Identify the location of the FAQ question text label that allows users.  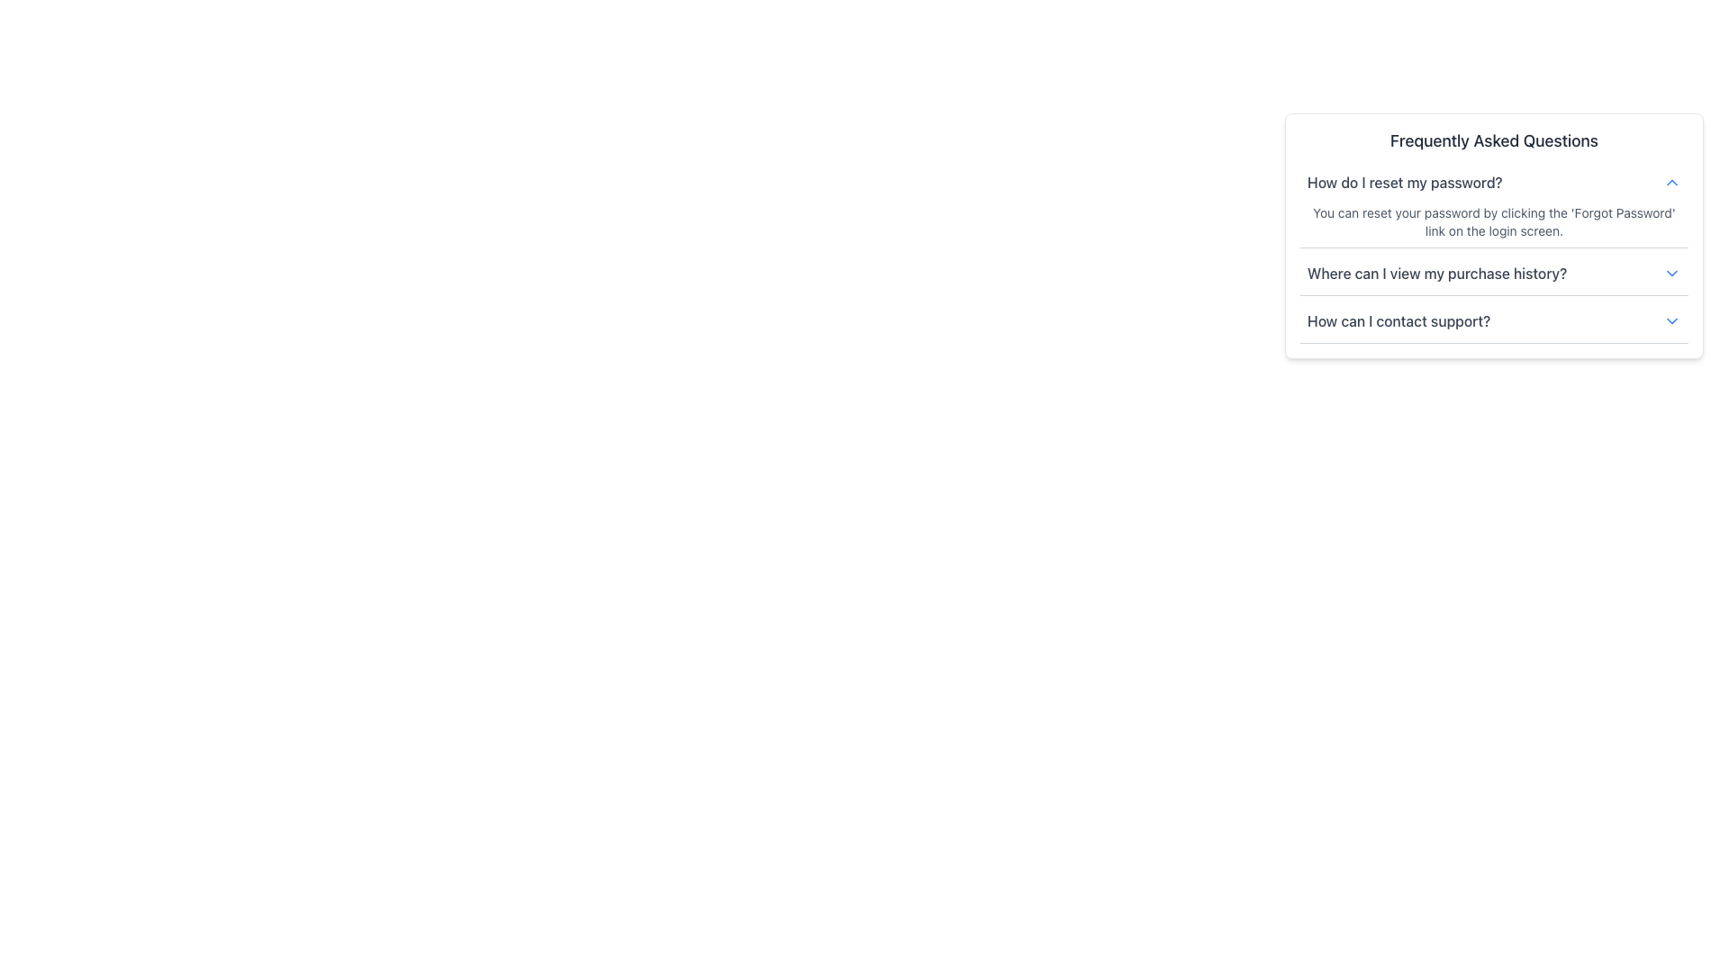
(1436, 274).